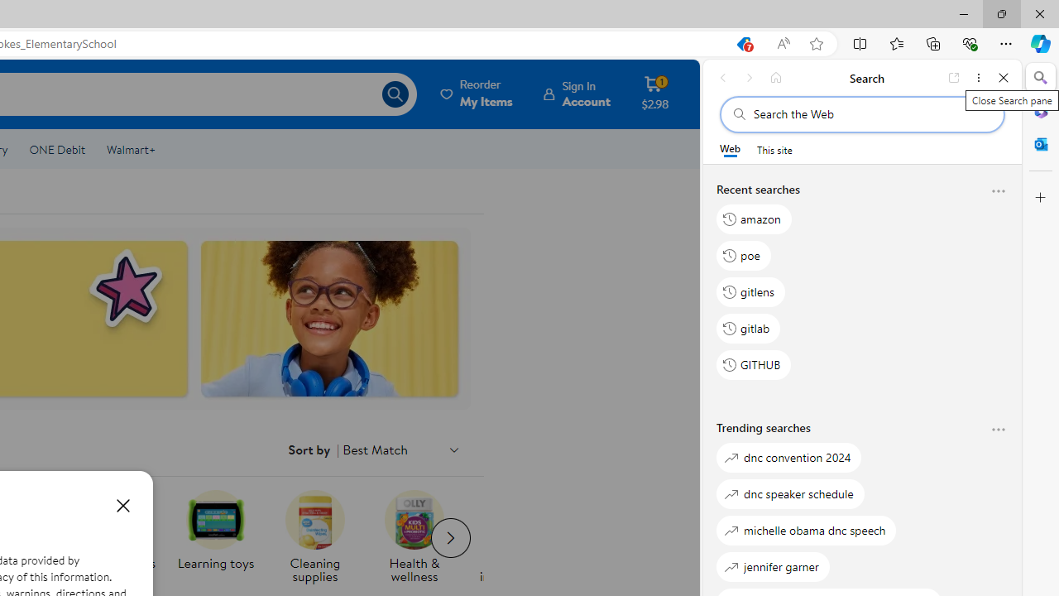  Describe the element at coordinates (773, 565) in the screenshot. I see `'jennifer garner'` at that location.